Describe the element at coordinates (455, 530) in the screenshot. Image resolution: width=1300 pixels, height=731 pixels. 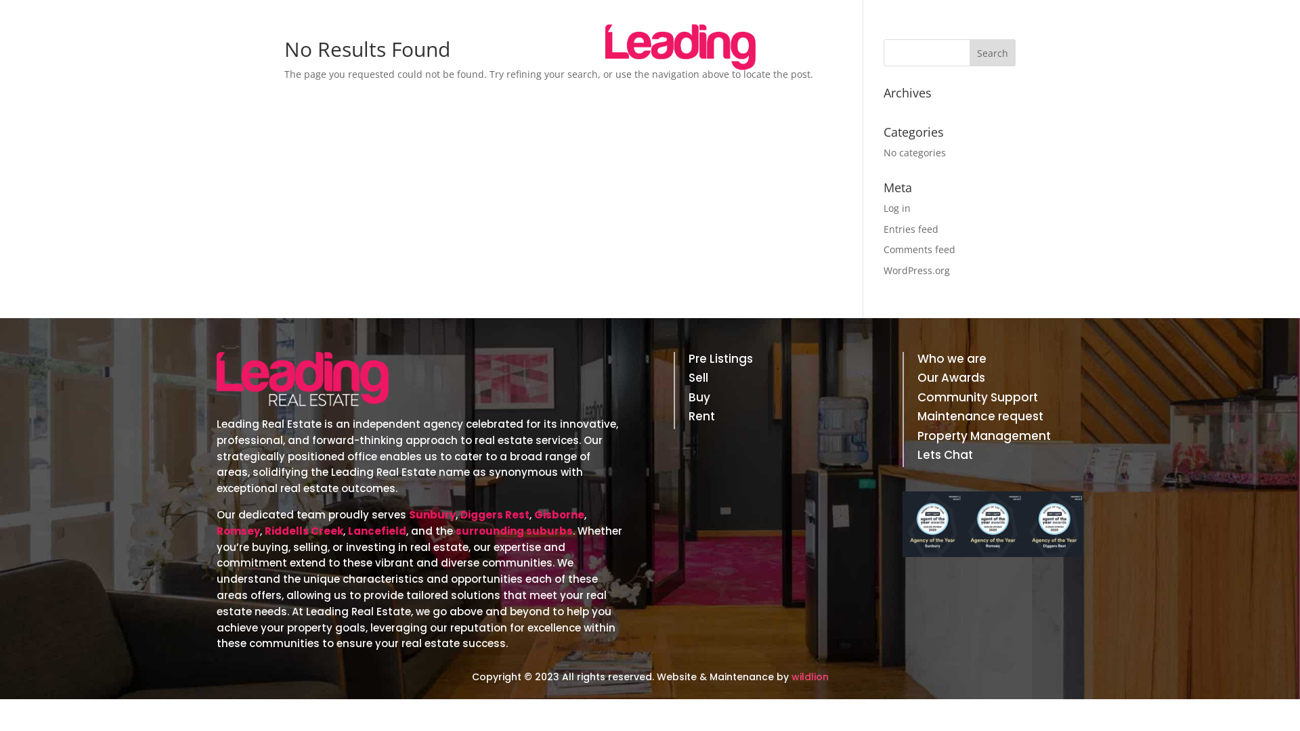
I see `'surrounding suburbs'` at that location.